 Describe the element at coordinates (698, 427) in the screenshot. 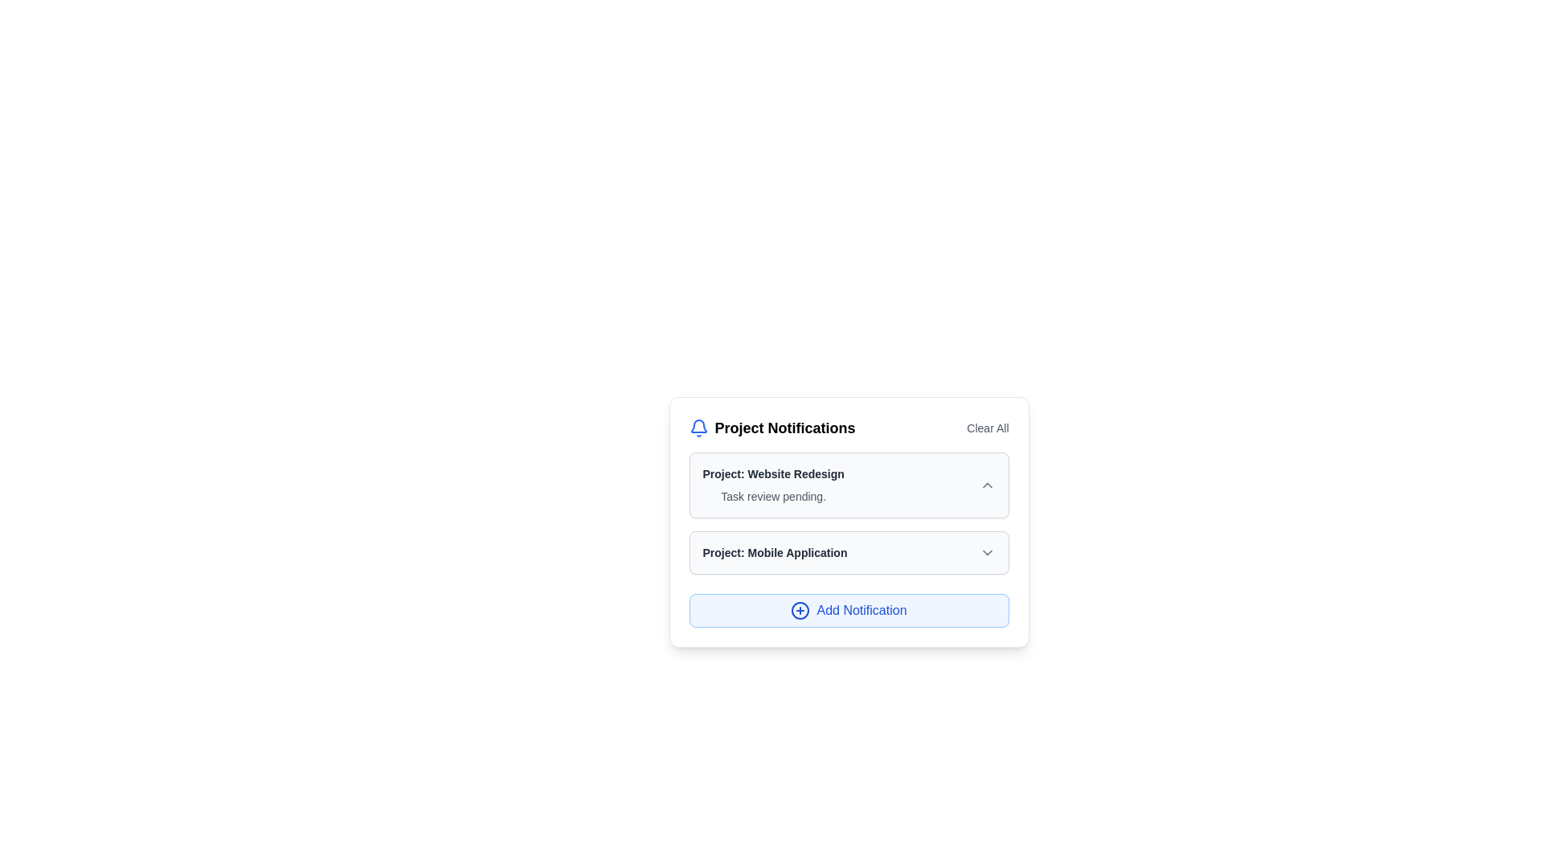

I see `the bell icon located in the header section to the left of the 'Project Notifications' title` at that location.